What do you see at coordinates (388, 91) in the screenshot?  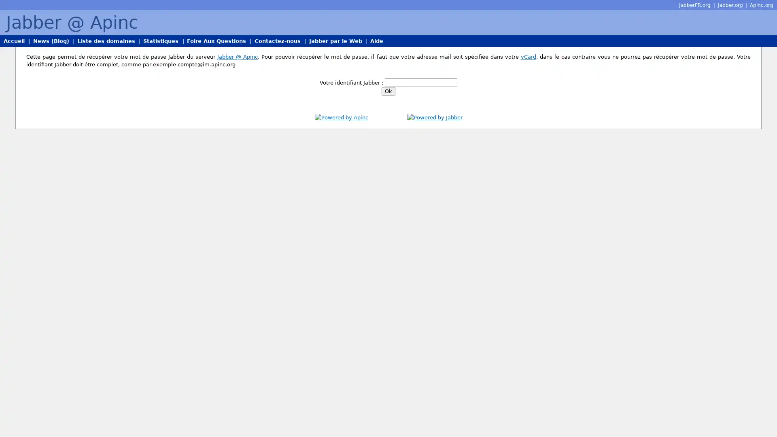 I see `Ok` at bounding box center [388, 91].